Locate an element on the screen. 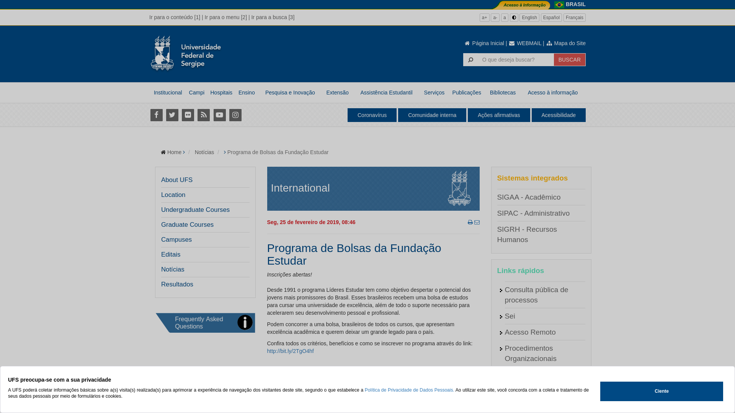  'SIPAC - Administrativo' is located at coordinates (532, 213).